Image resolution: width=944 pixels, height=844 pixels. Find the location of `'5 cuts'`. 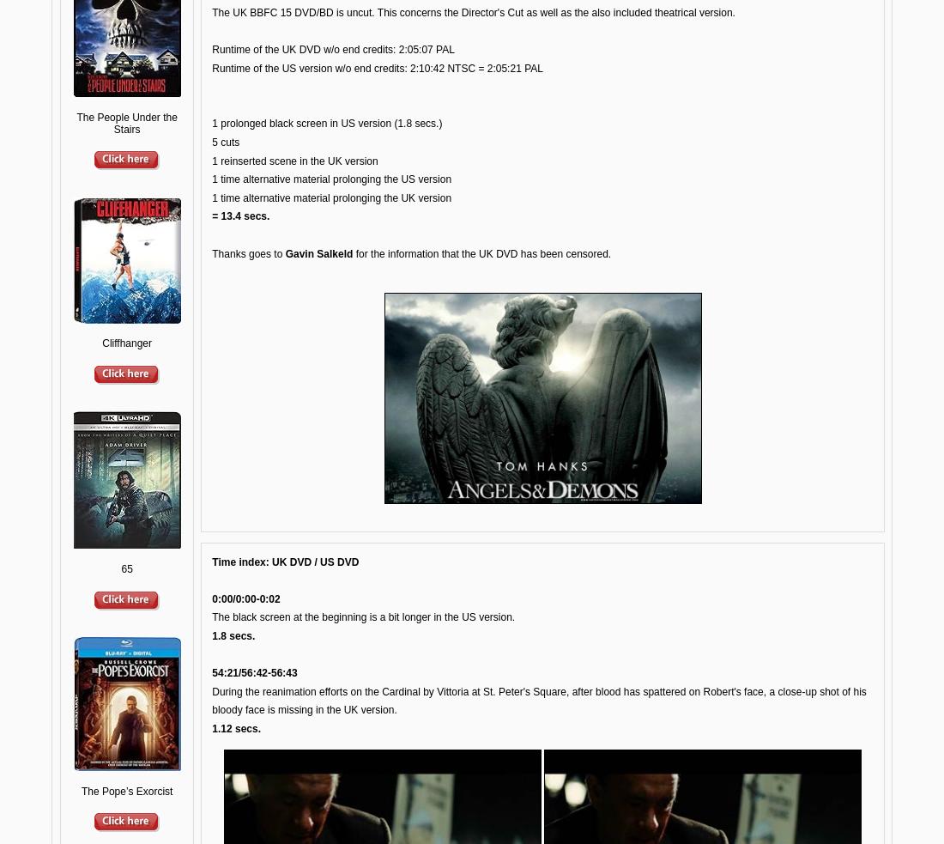

'5 cuts' is located at coordinates (226, 143).